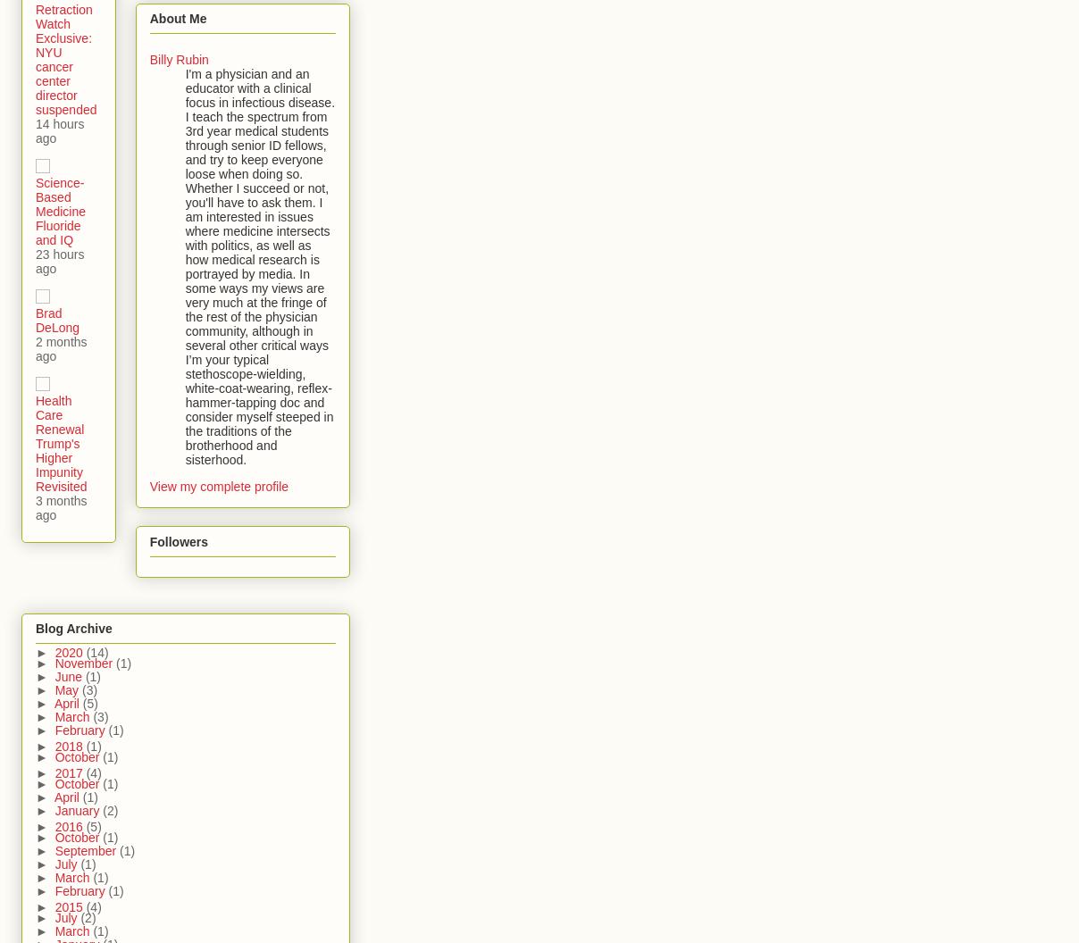  I want to click on '(14)', so click(96, 651).